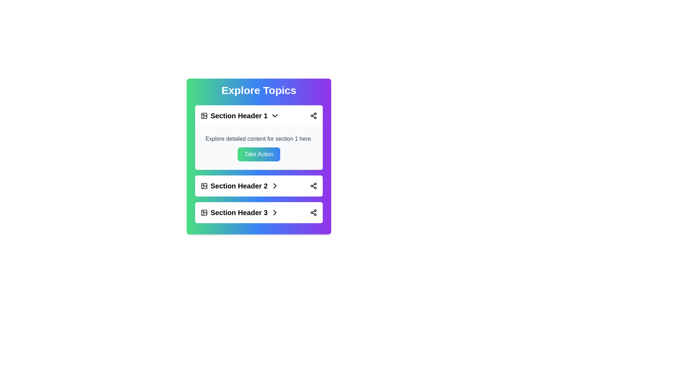 The image size is (675, 379). I want to click on the share button styled as an SVG-based icon located on the far right of 'Section Header 2' to observe the hover effect, so click(313, 185).